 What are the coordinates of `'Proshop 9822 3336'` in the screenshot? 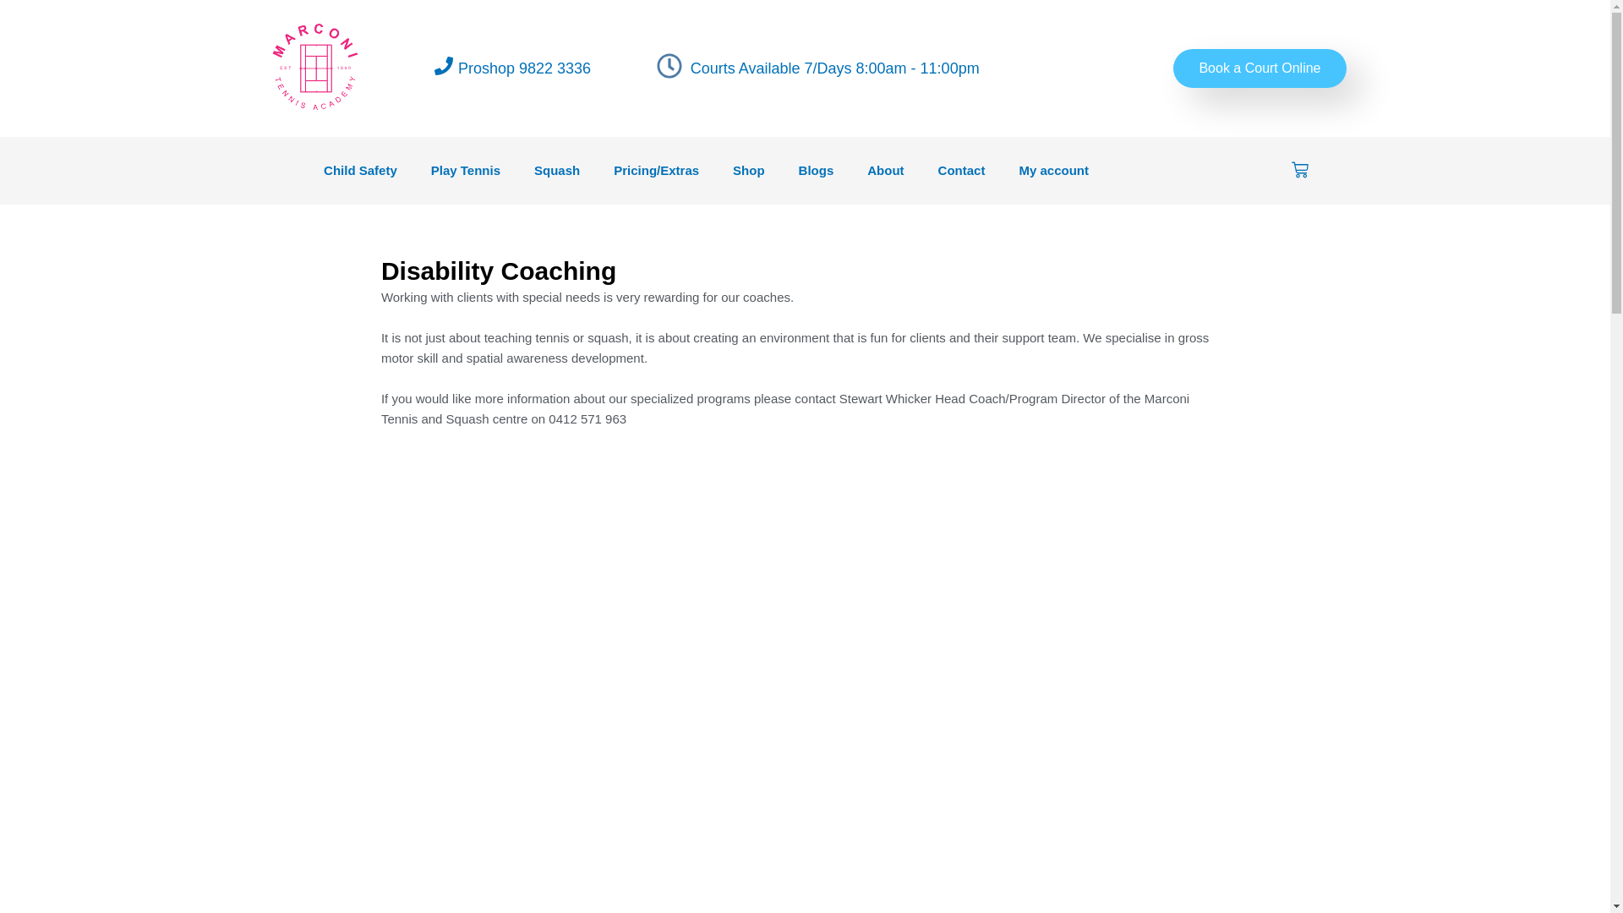 It's located at (523, 68).